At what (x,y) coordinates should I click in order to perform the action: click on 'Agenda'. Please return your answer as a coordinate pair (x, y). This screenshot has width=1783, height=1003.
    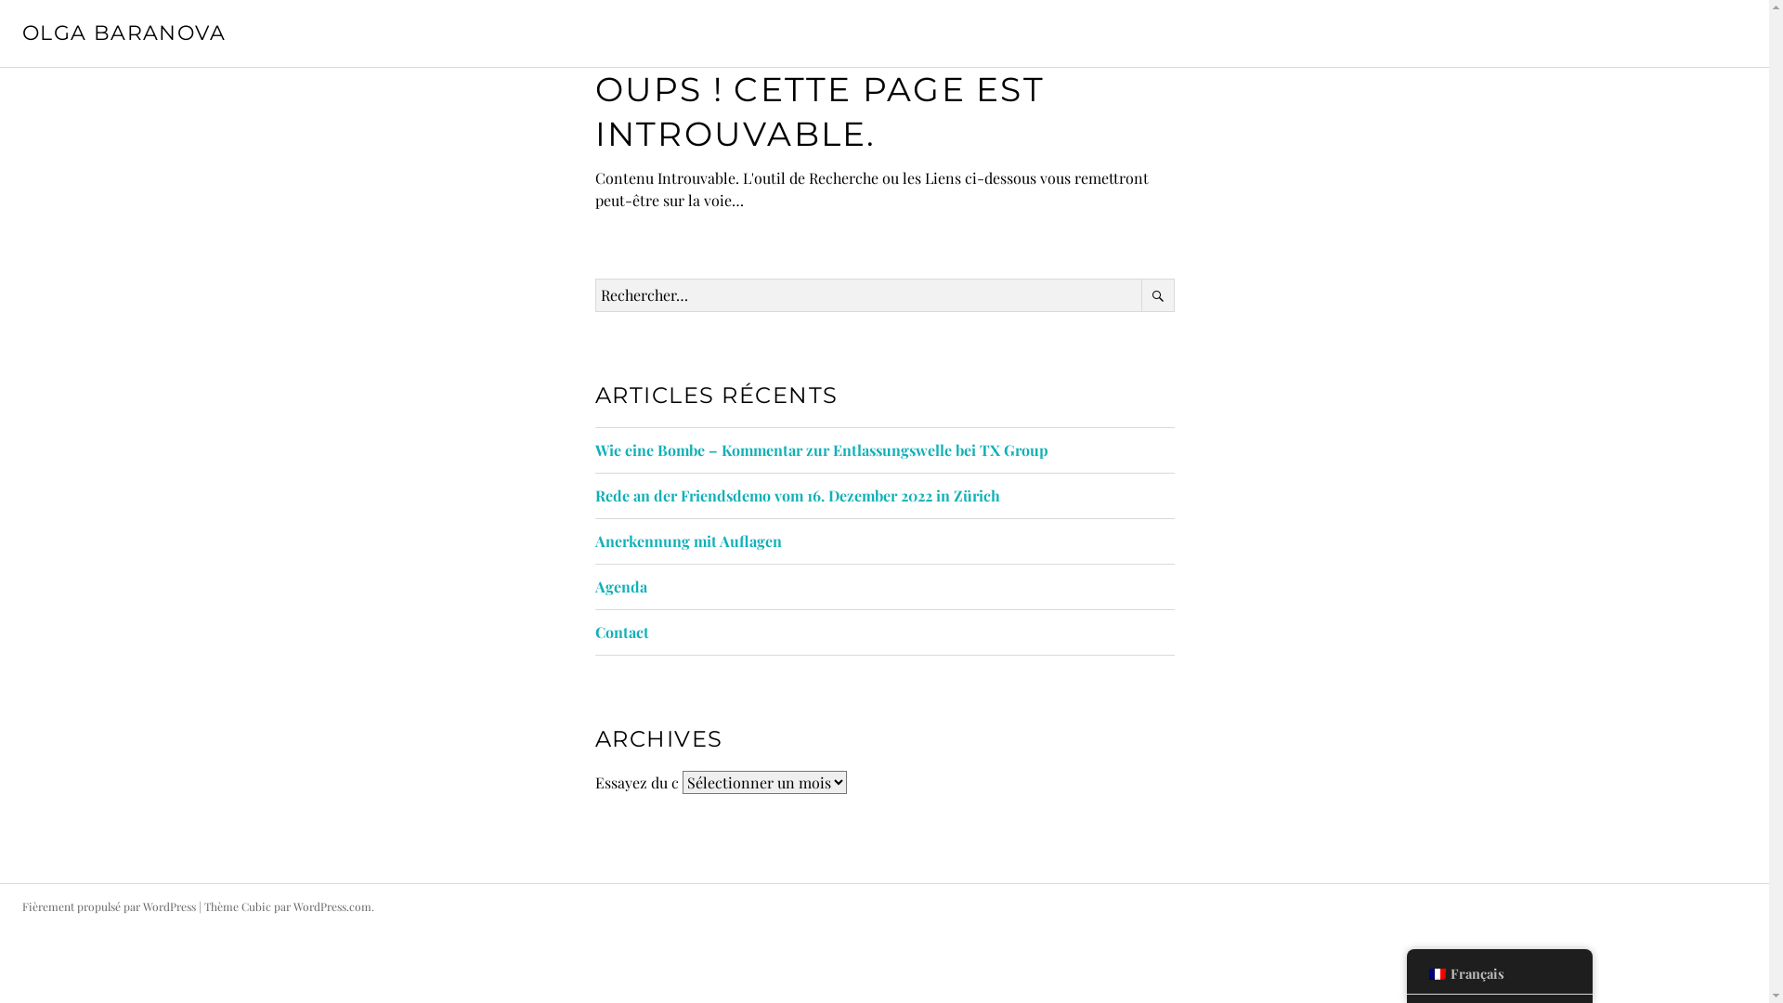
    Looking at the image, I should click on (592, 586).